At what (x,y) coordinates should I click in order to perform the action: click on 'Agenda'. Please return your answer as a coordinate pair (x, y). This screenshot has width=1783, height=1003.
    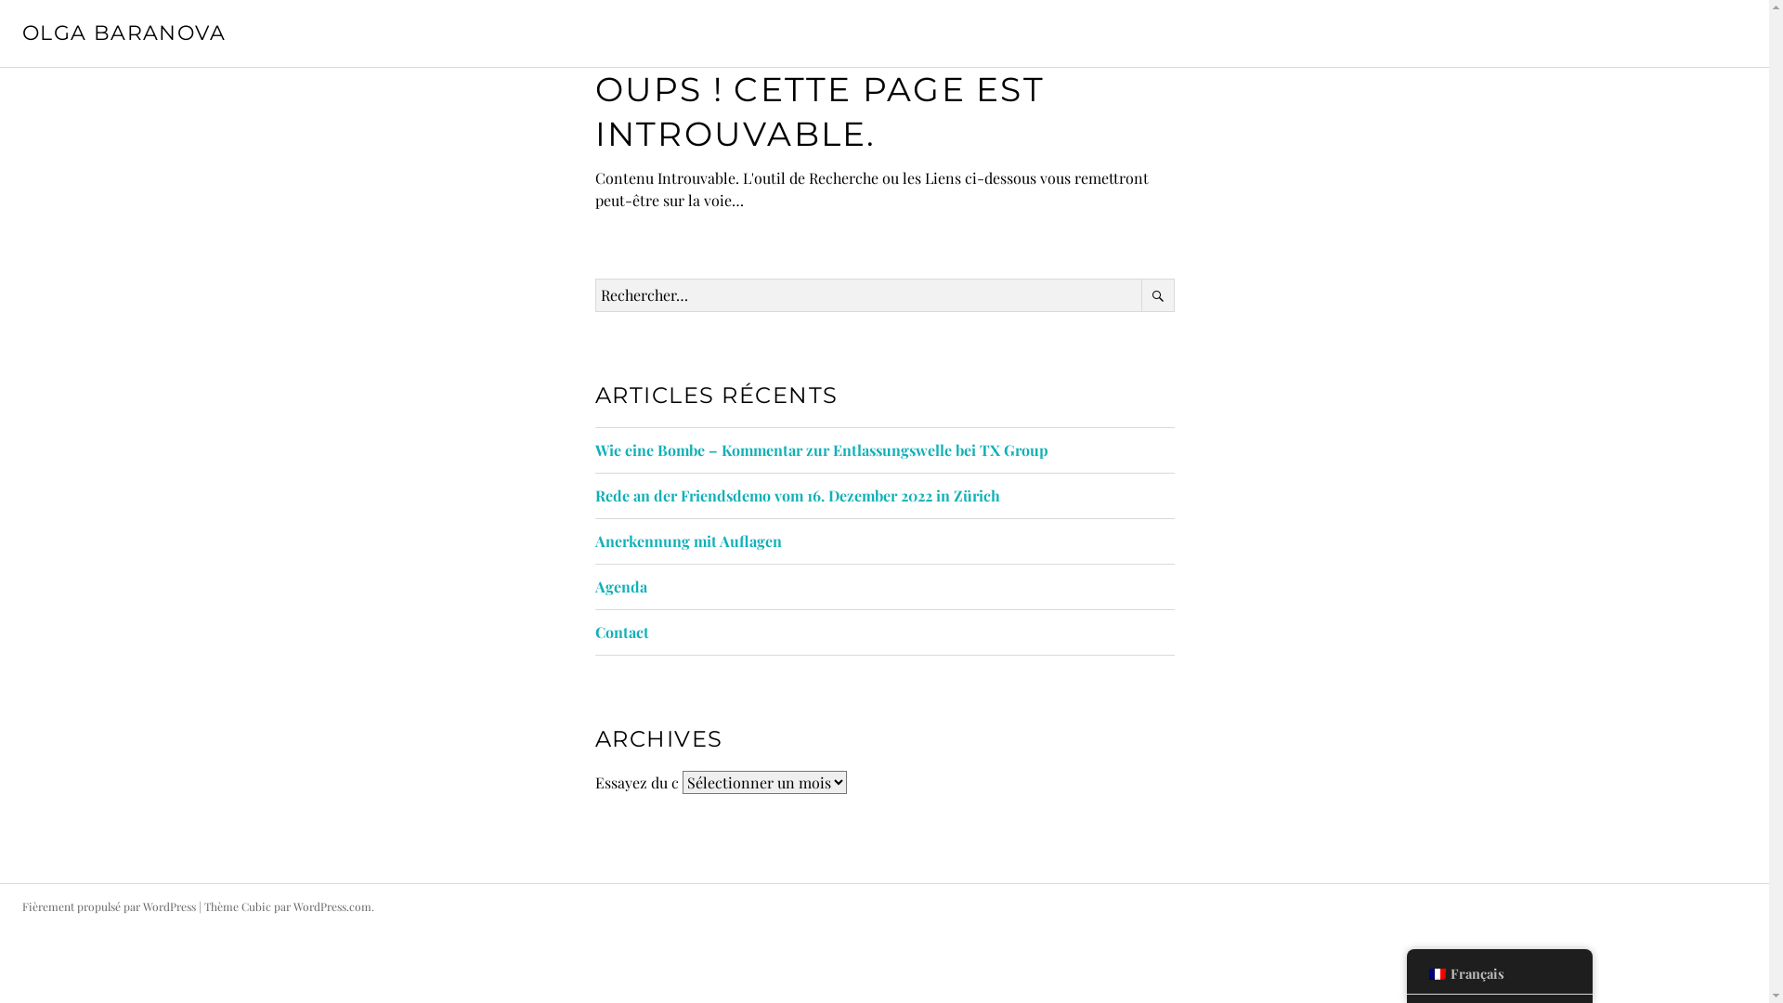
    Looking at the image, I should click on (592, 586).